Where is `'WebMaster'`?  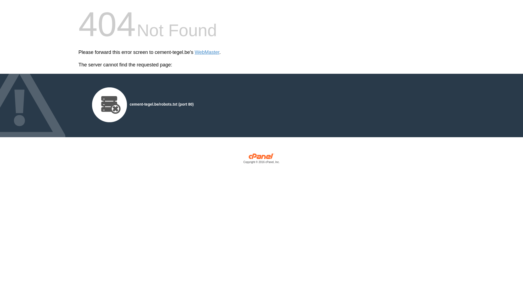
'WebMaster' is located at coordinates (207, 52).